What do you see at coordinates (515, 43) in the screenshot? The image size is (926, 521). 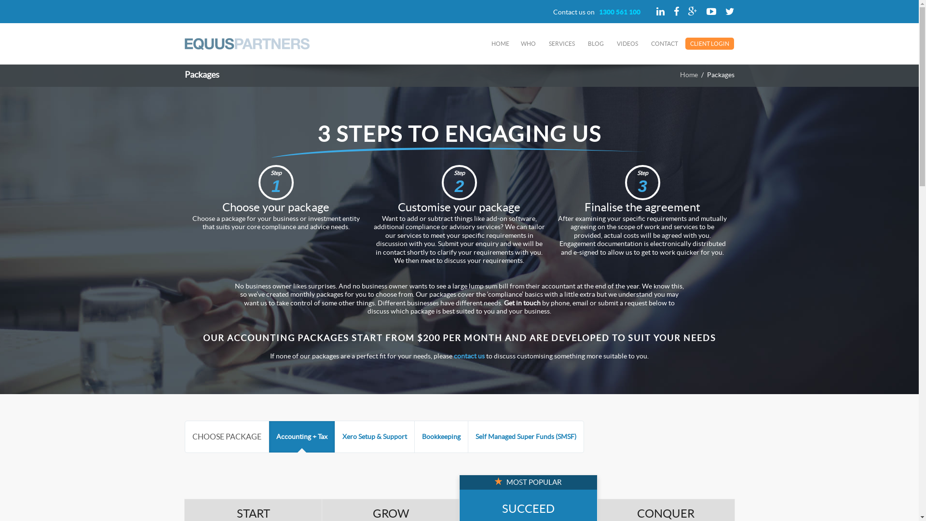 I see `'WHO'` at bounding box center [515, 43].